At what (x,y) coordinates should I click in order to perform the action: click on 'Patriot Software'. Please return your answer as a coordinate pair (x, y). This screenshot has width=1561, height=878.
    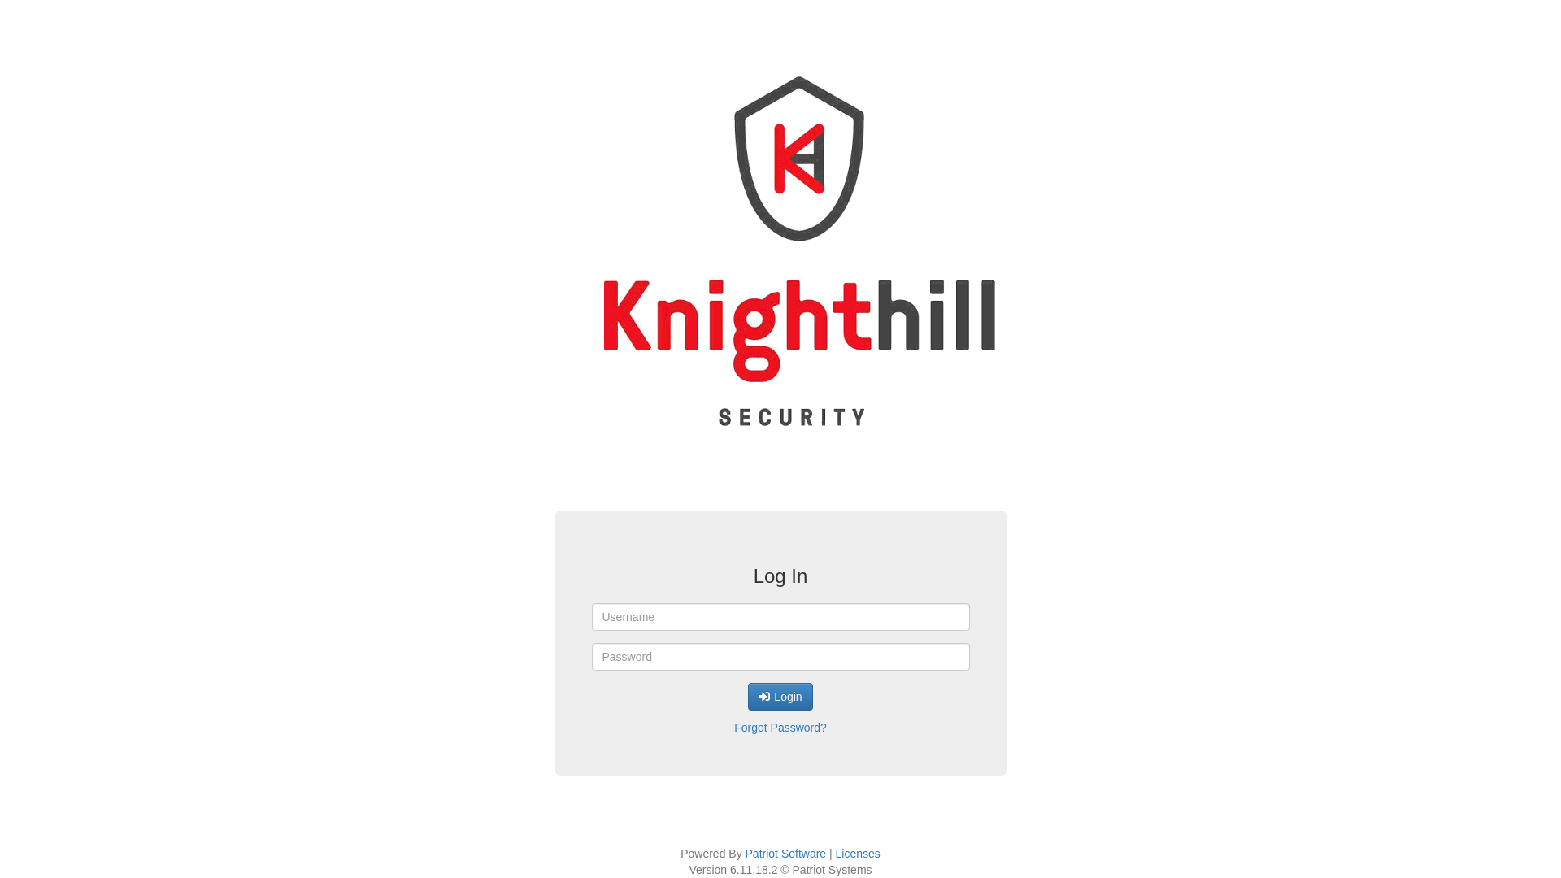
    Looking at the image, I should click on (785, 852).